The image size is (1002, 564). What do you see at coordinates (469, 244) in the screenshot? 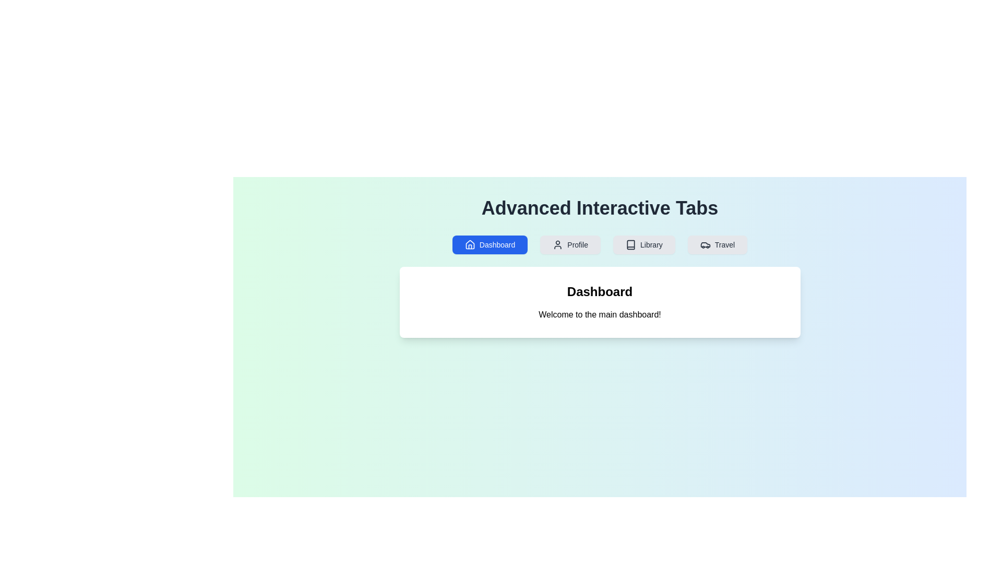
I see `the 'Dashboard' icon, which is represented by a house symbol and is part of the horizontal navigation menu, positioned to the left of the 'Profile' tab` at bounding box center [469, 244].